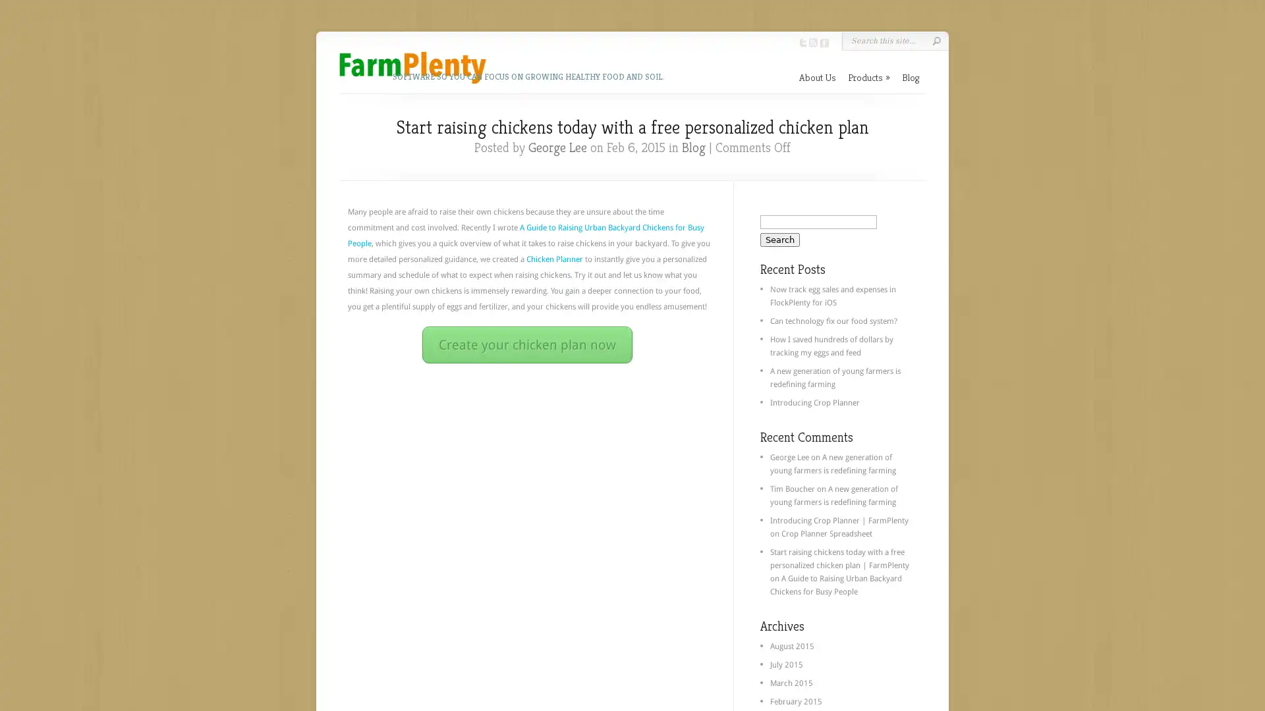 This screenshot has height=711, width=1265. Describe the element at coordinates (936, 40) in the screenshot. I see `Submit` at that location.